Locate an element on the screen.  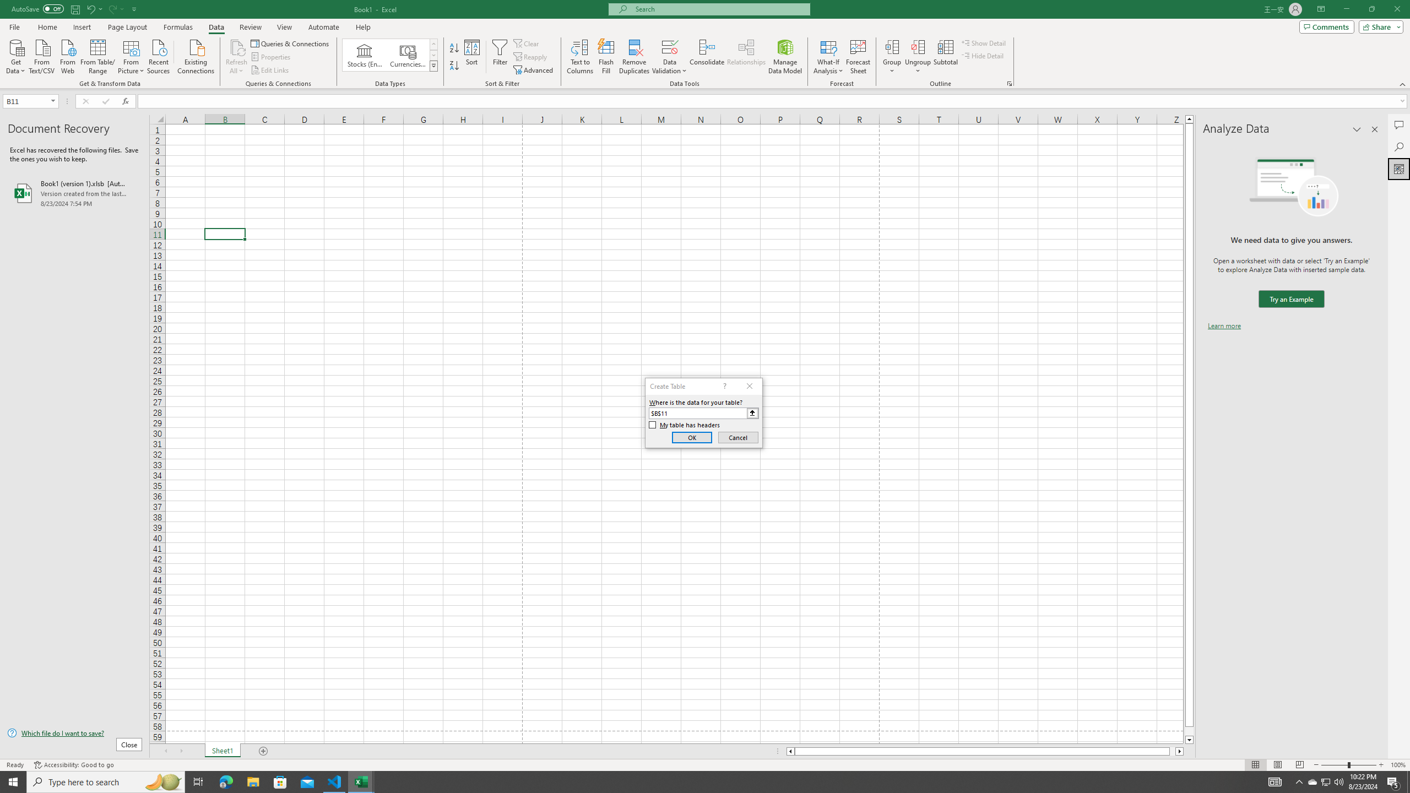
'Formulas' is located at coordinates (179, 27).